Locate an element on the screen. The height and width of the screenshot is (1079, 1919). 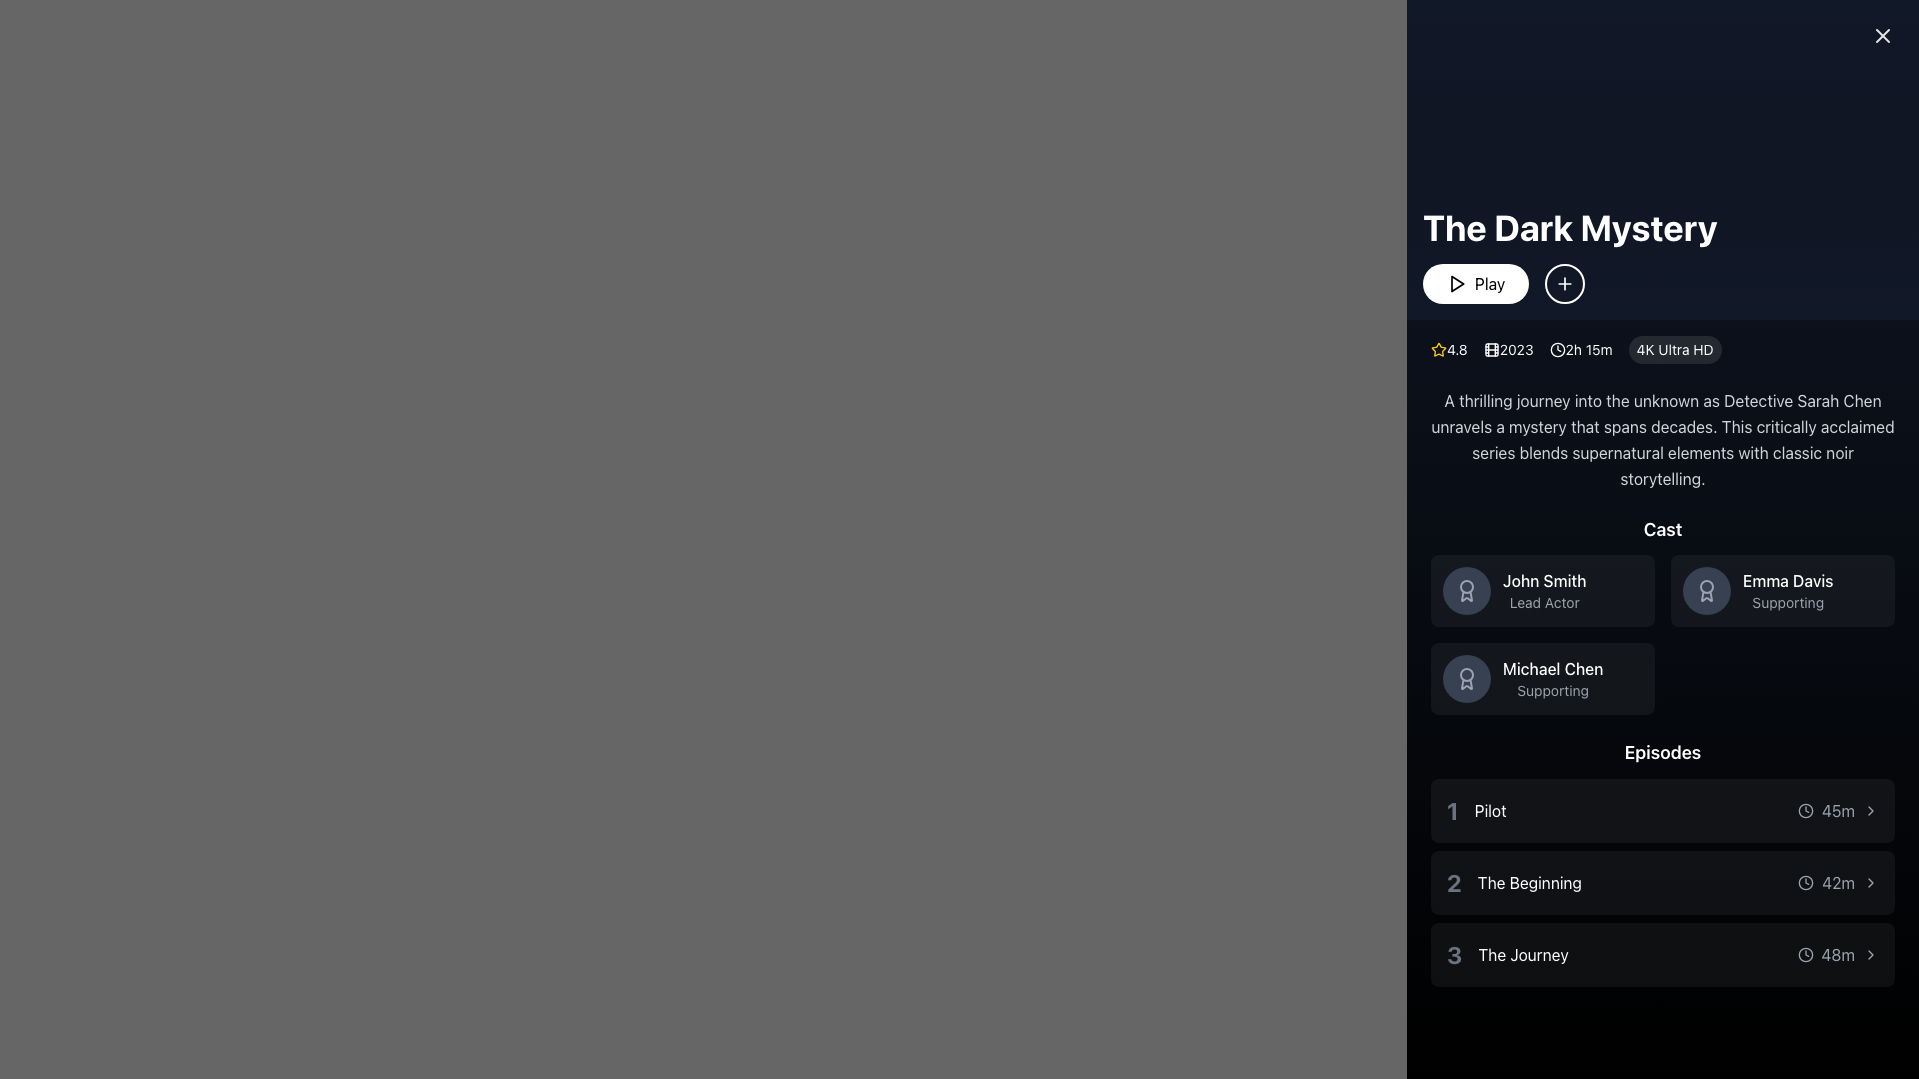
descriptive text label indicating that 'John Smith' is the lead actor, positioned directly below the name in the Cast section of the interface is located at coordinates (1543, 602).